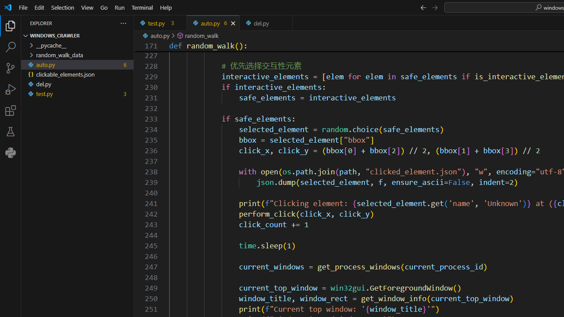 The image size is (564, 317). I want to click on 'Extensions (Ctrl+Shift+X)', so click(11, 110).